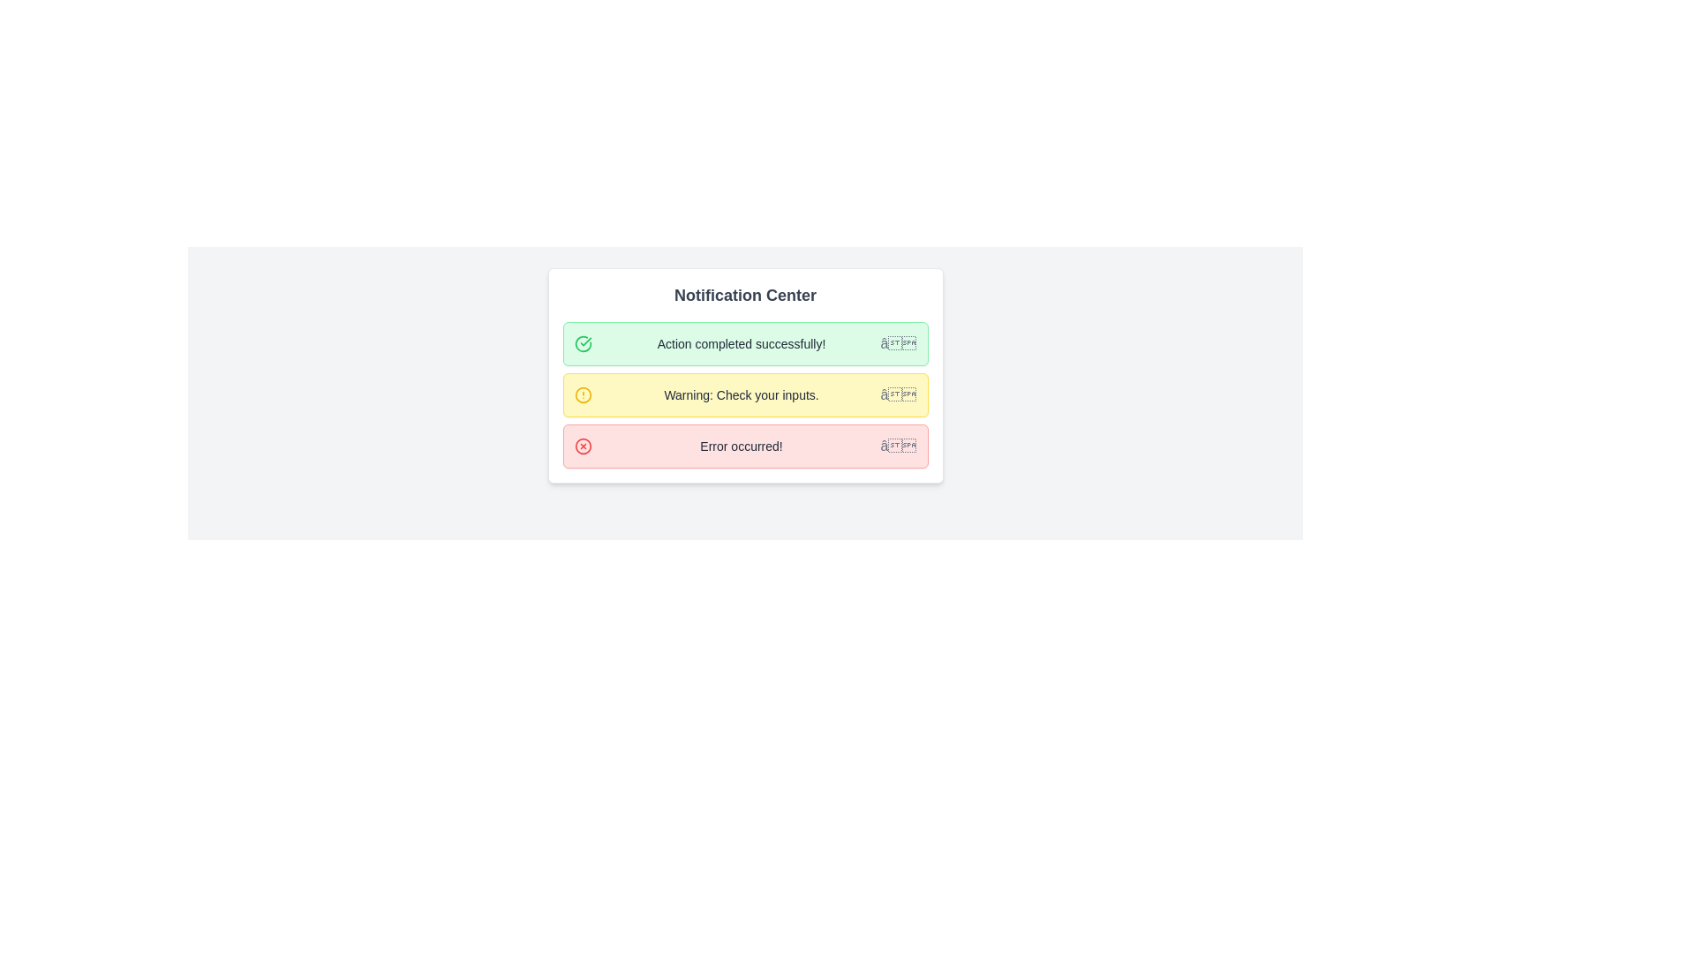  I want to click on the dismiss button located at the extreme right of the 'Error occurred!' notification bar for accessibility navigation, so click(898, 445).